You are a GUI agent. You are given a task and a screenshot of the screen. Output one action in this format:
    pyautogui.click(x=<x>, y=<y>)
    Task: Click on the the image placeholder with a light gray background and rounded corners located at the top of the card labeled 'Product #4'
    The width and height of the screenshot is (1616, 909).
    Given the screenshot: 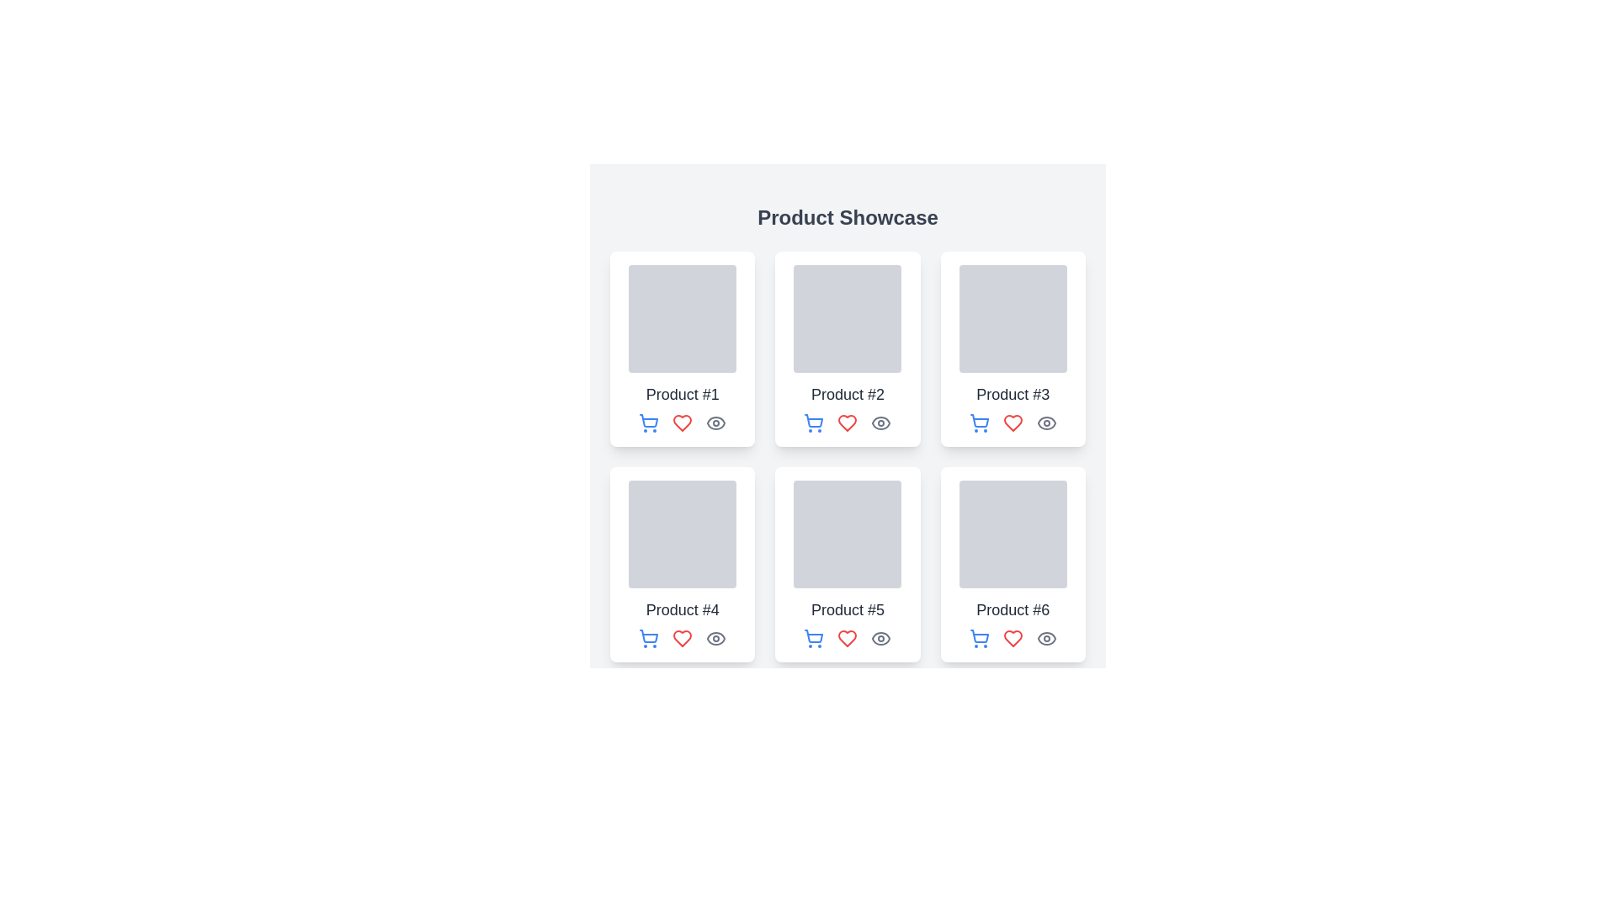 What is the action you would take?
    pyautogui.click(x=683, y=534)
    